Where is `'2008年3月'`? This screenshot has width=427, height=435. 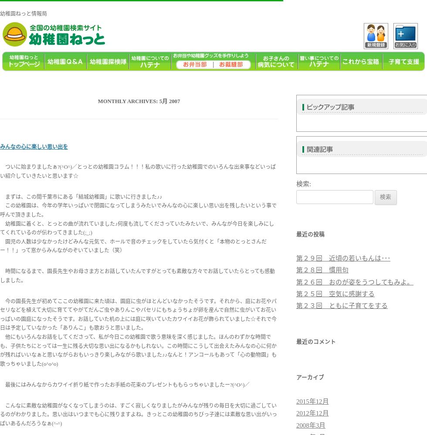 '2008年3月' is located at coordinates (296, 425).